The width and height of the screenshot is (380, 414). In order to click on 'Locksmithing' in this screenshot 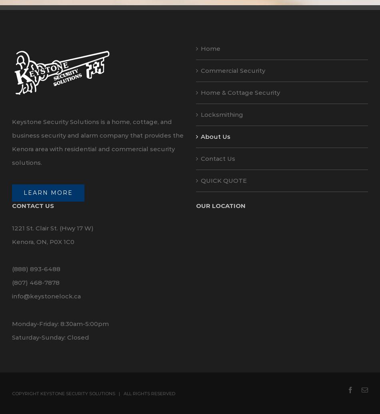, I will do `click(222, 114)`.